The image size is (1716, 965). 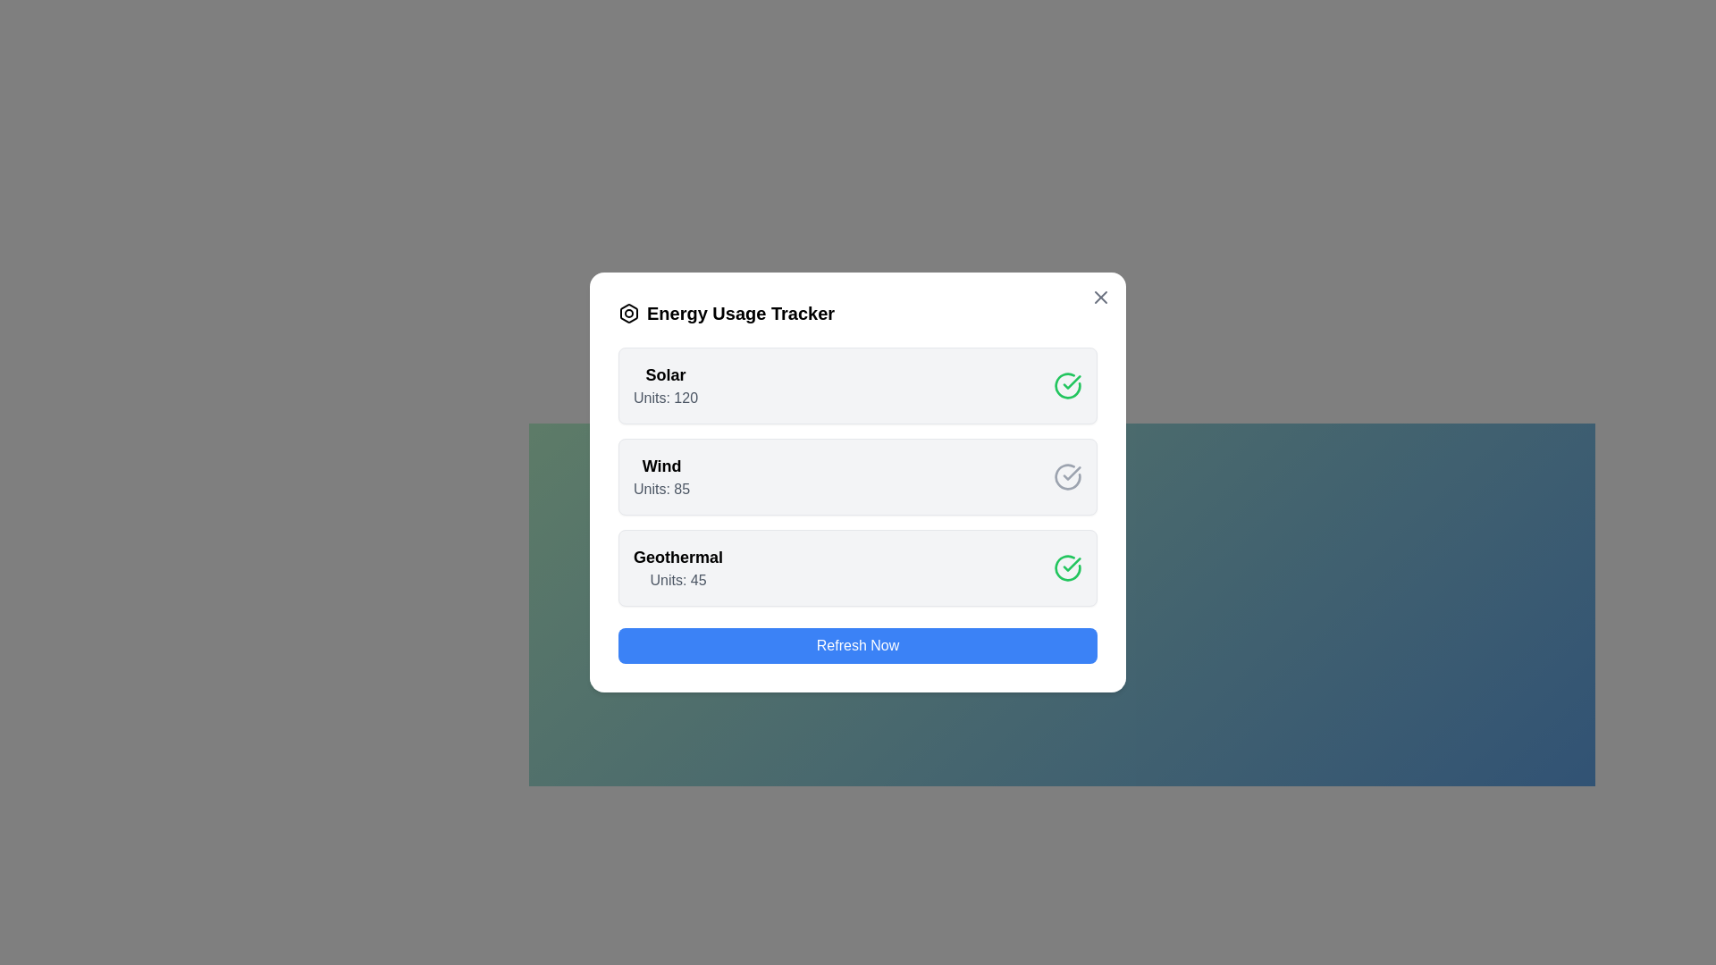 What do you see at coordinates (660, 489) in the screenshot?
I see `the text label displaying the number of units associated with the 'Wind' energy source, which is located below the 'Wind' label in the structured card format` at bounding box center [660, 489].